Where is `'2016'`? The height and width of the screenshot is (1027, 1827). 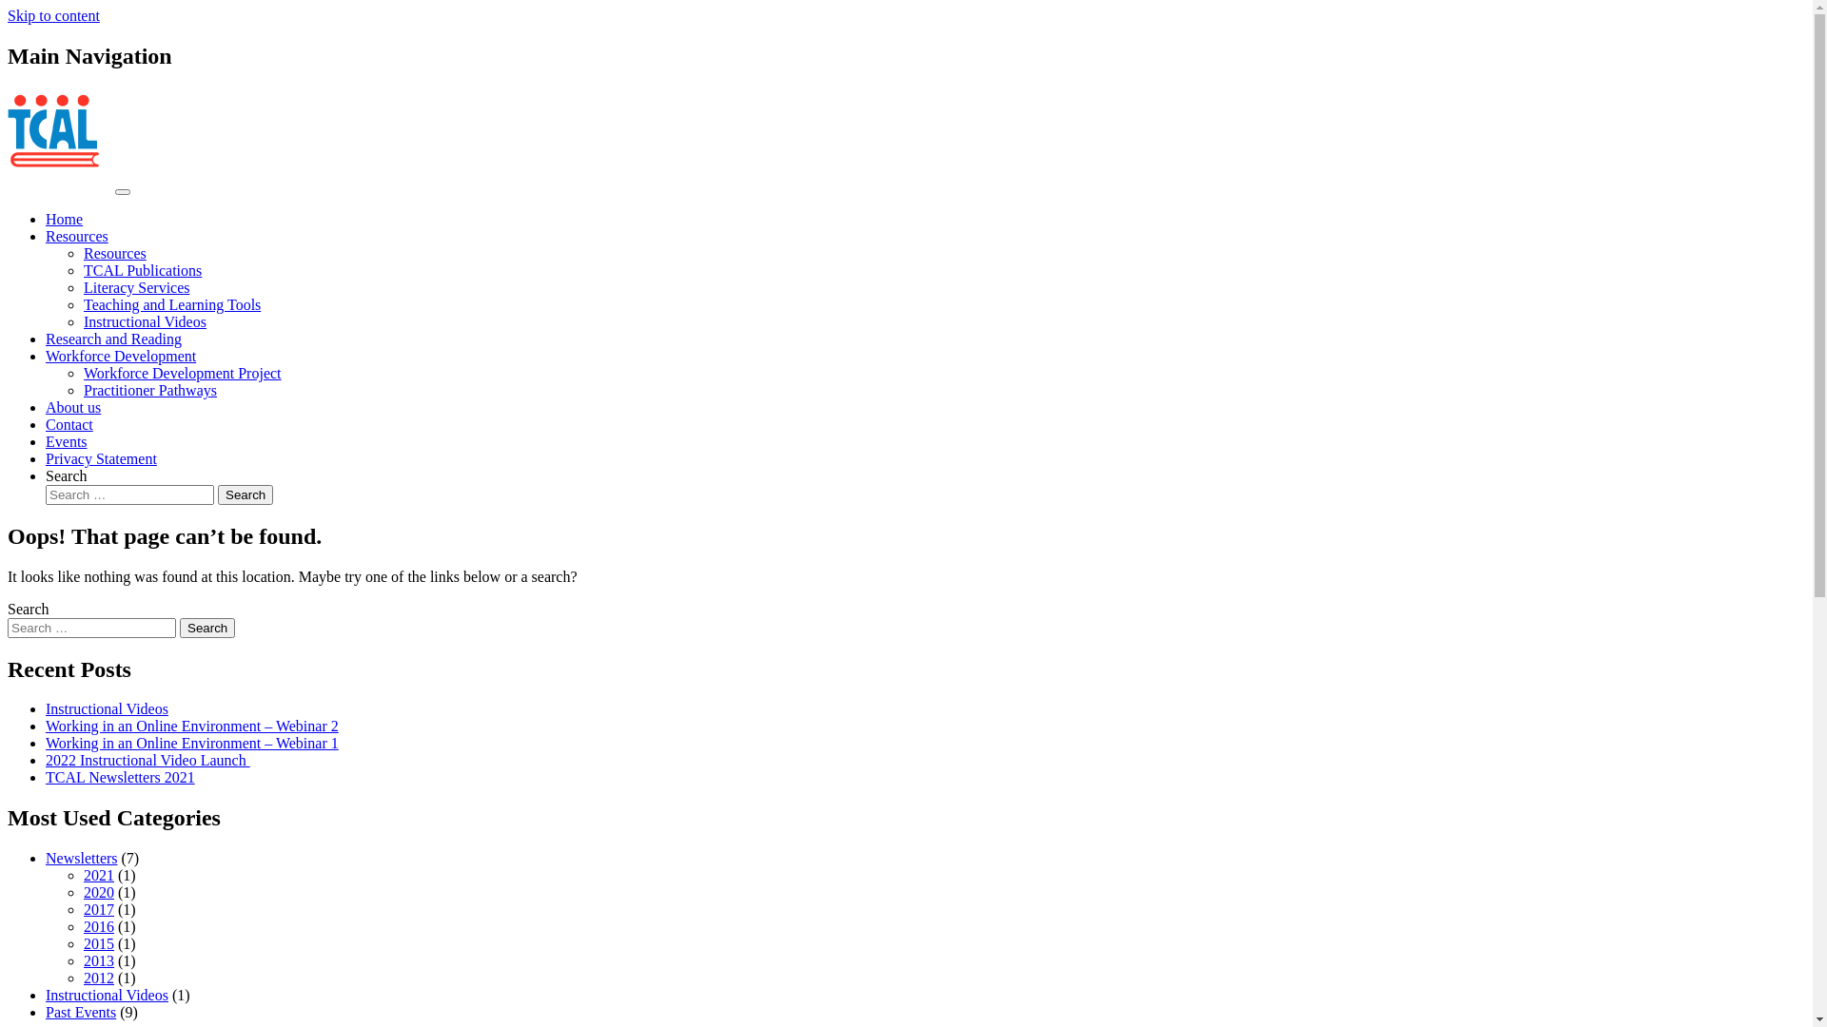 '2016' is located at coordinates (98, 925).